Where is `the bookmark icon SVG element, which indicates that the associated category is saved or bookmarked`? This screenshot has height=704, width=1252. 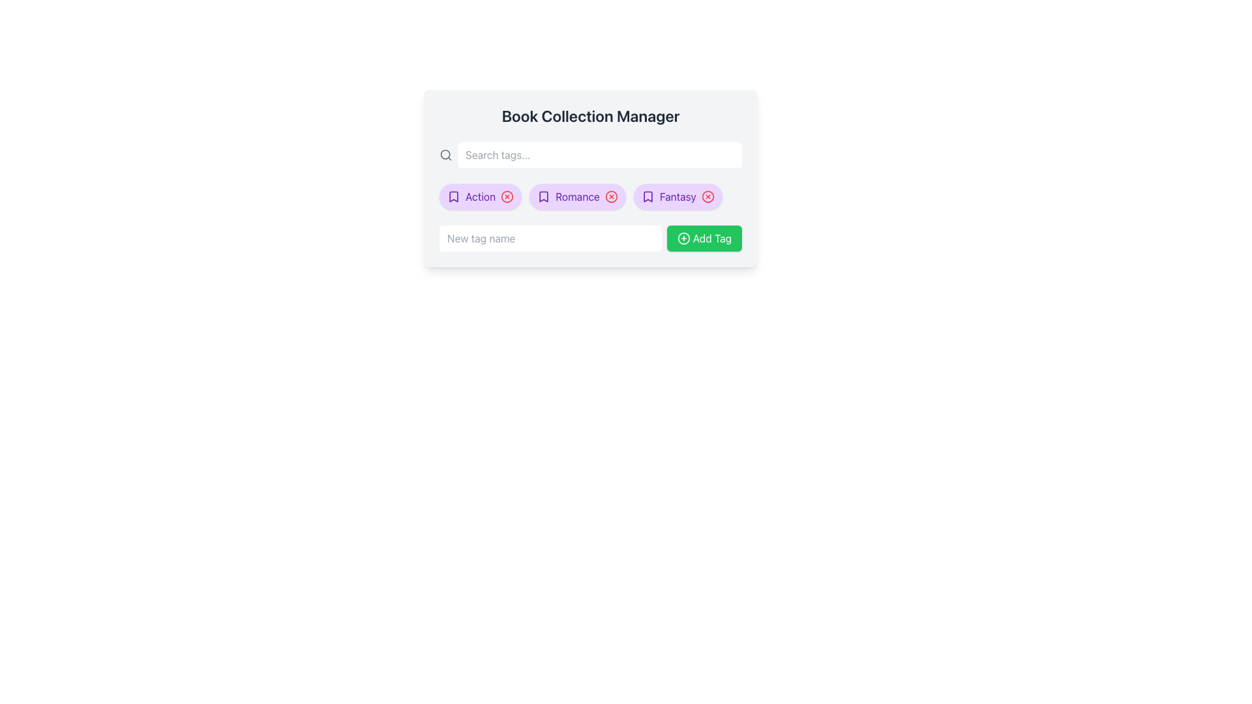 the bookmark icon SVG element, which indicates that the associated category is saved or bookmarked is located at coordinates (454, 196).